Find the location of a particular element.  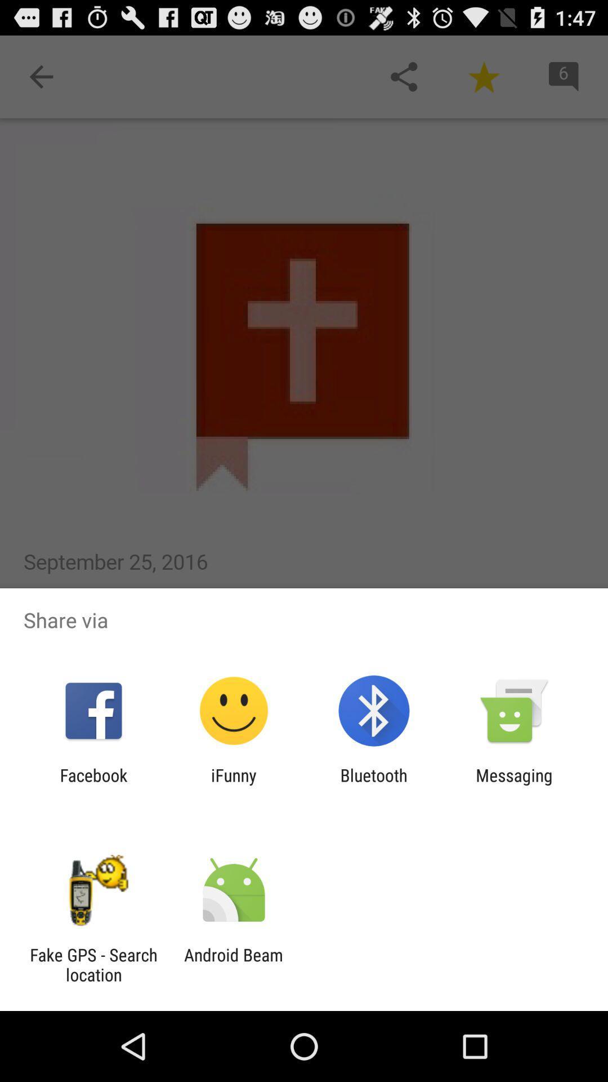

the bluetooth icon is located at coordinates (374, 784).